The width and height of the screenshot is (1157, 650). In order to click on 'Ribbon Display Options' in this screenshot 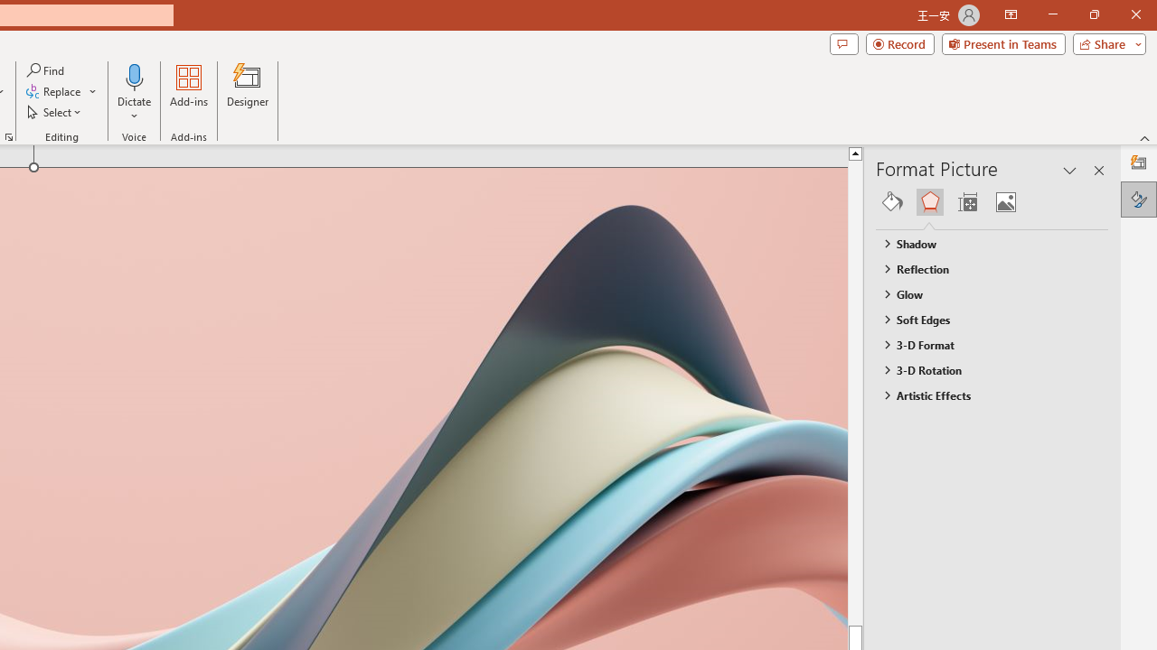, I will do `click(1010, 14)`.